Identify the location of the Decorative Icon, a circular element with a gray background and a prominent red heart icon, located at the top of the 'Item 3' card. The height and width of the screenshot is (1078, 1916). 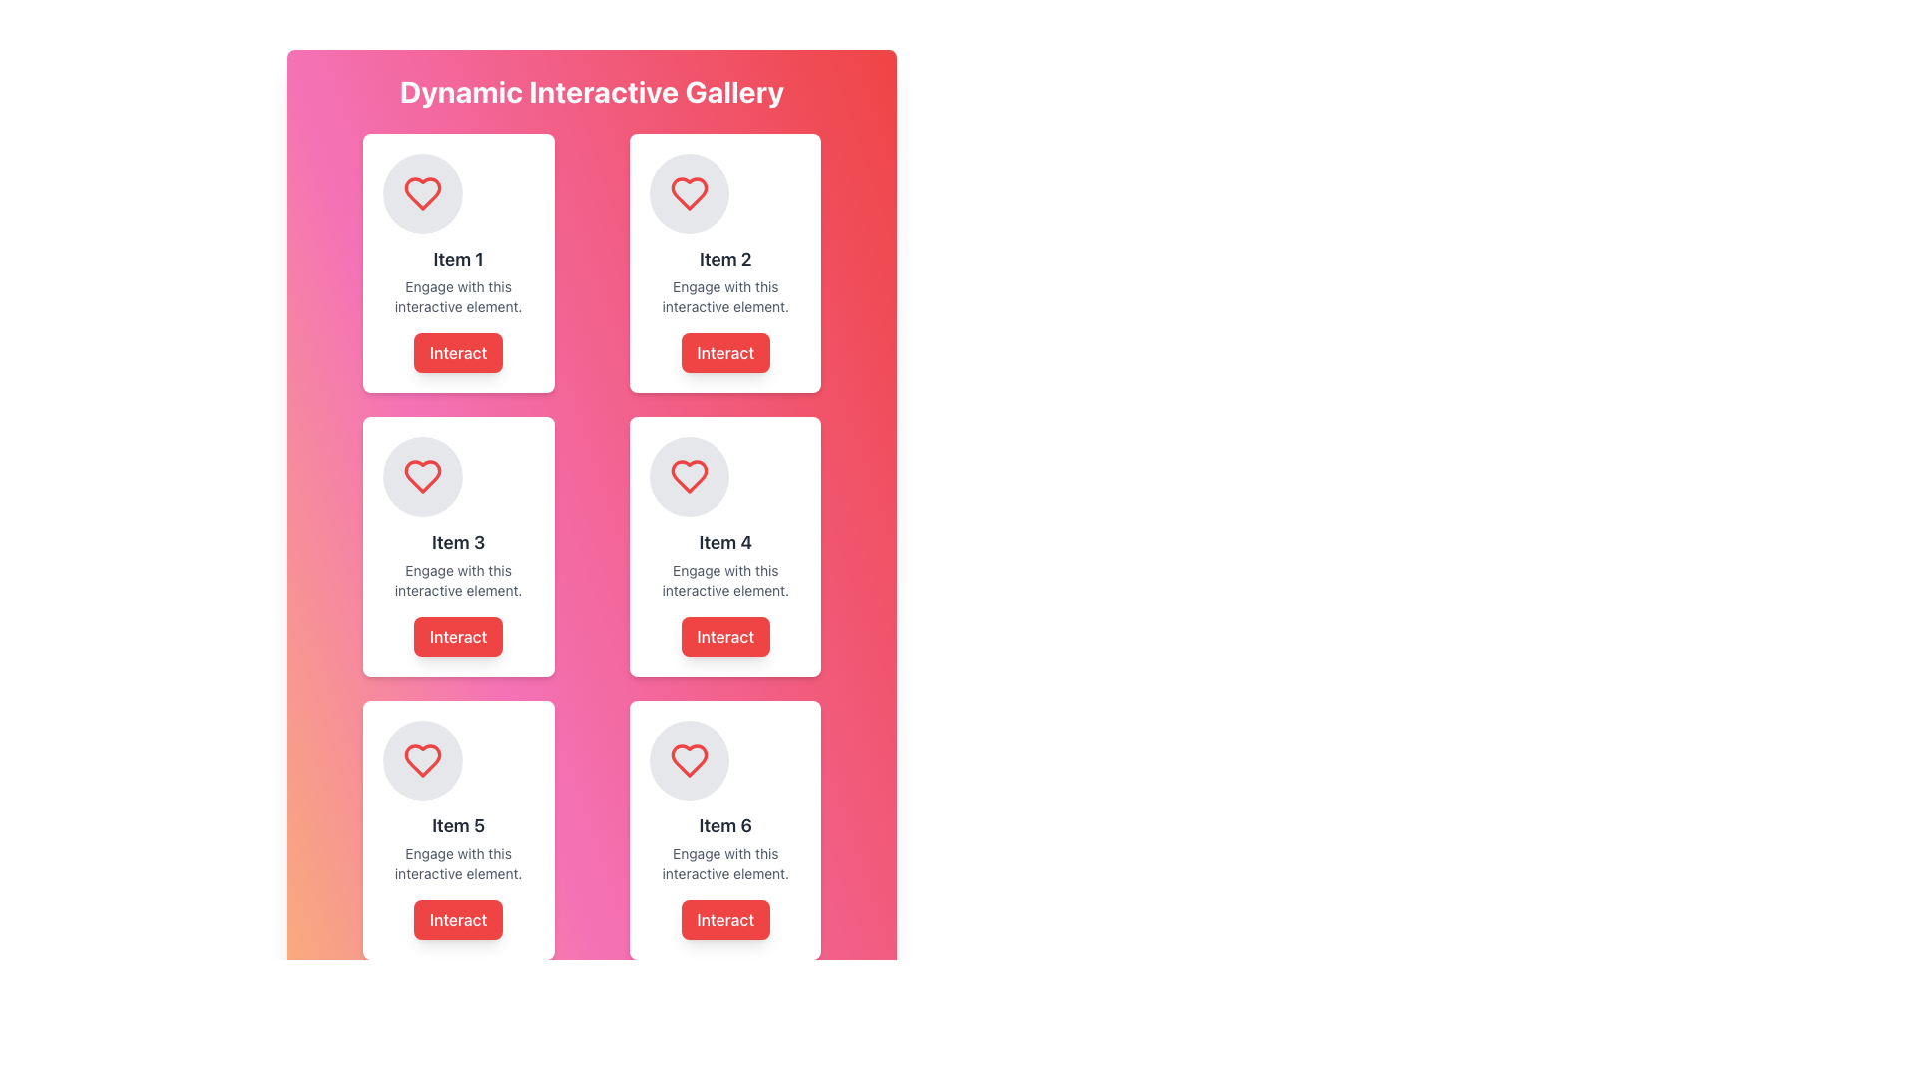
(421, 477).